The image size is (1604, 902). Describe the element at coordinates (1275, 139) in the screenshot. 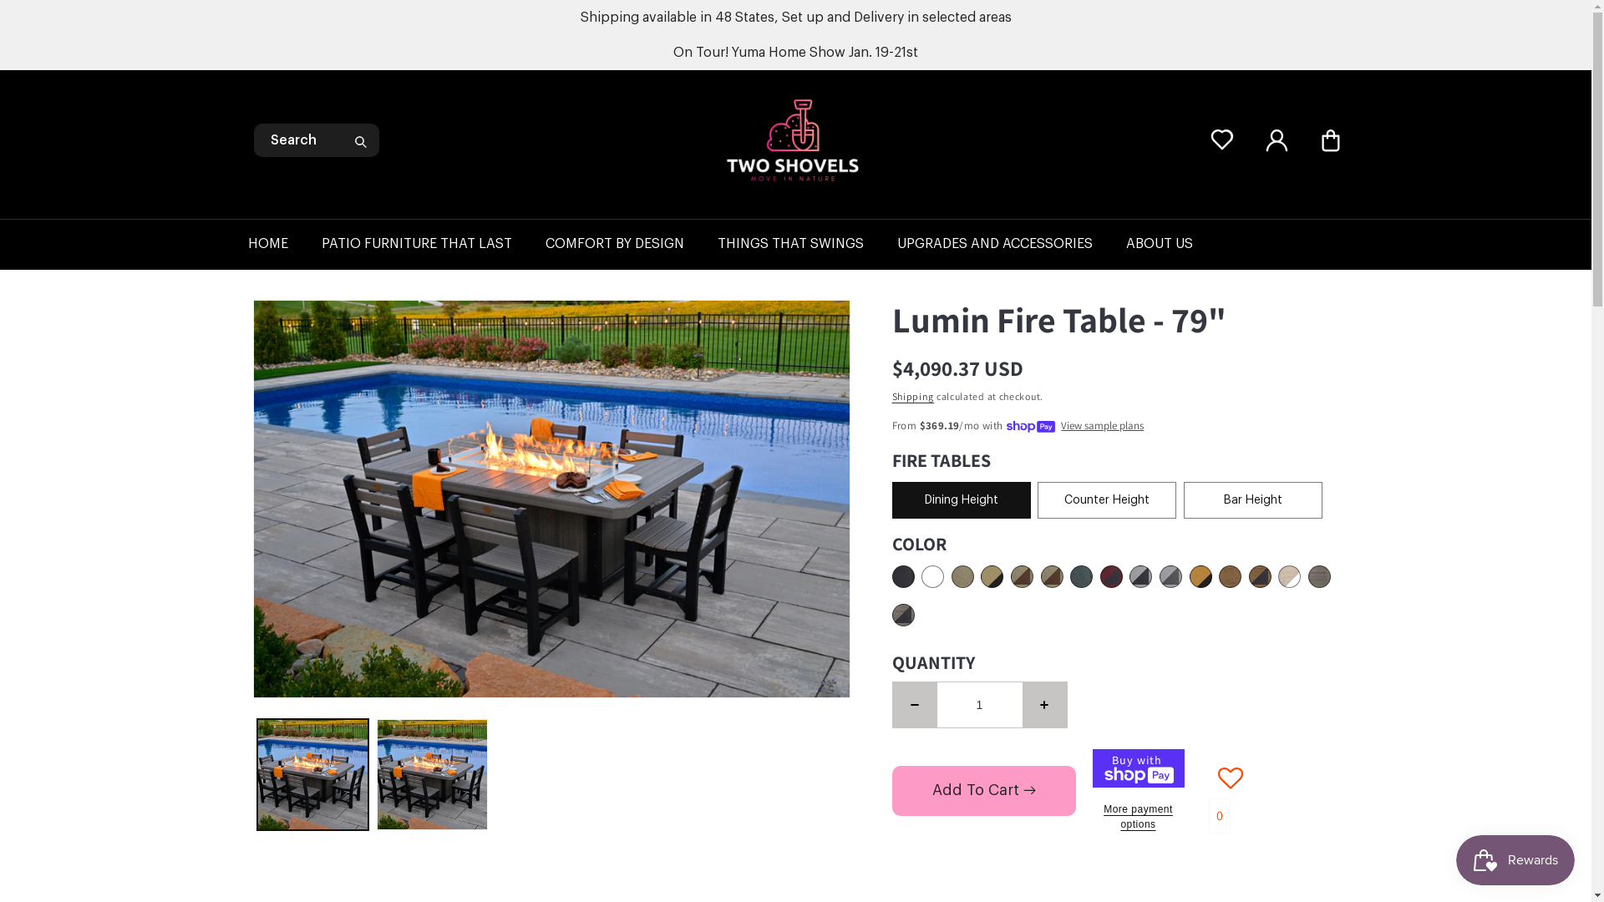

I see `'Log in'` at that location.